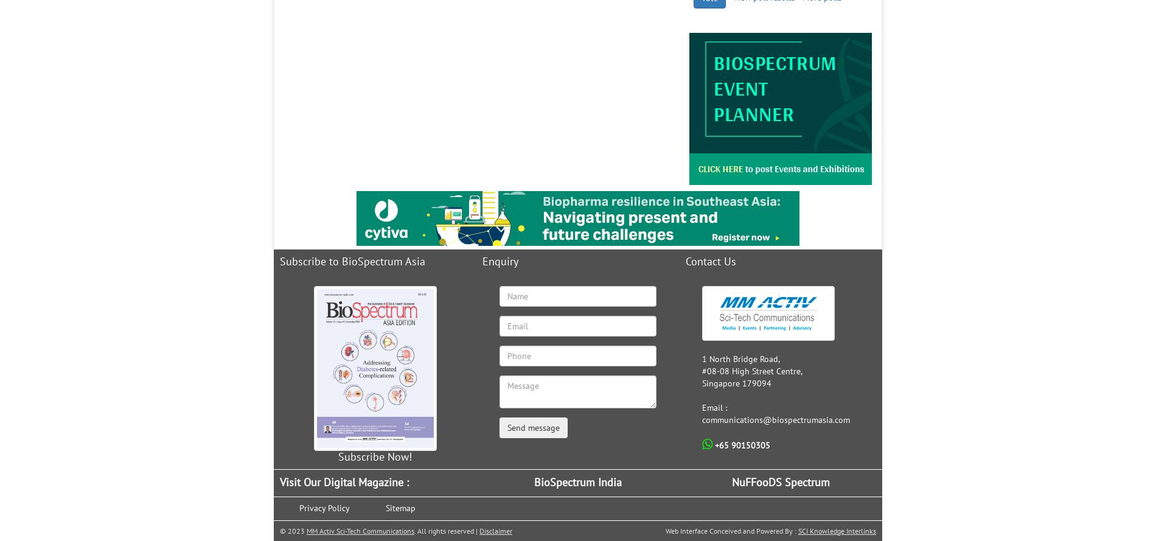  Describe the element at coordinates (742, 445) in the screenshot. I see `'+65 90150305'` at that location.